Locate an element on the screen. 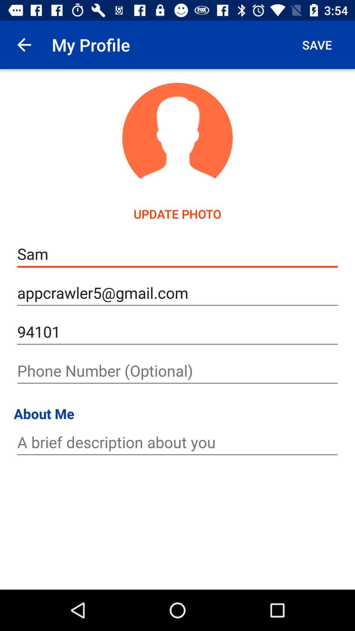 This screenshot has height=631, width=355. the appcrawler5@gmail.com item is located at coordinates (177, 292).